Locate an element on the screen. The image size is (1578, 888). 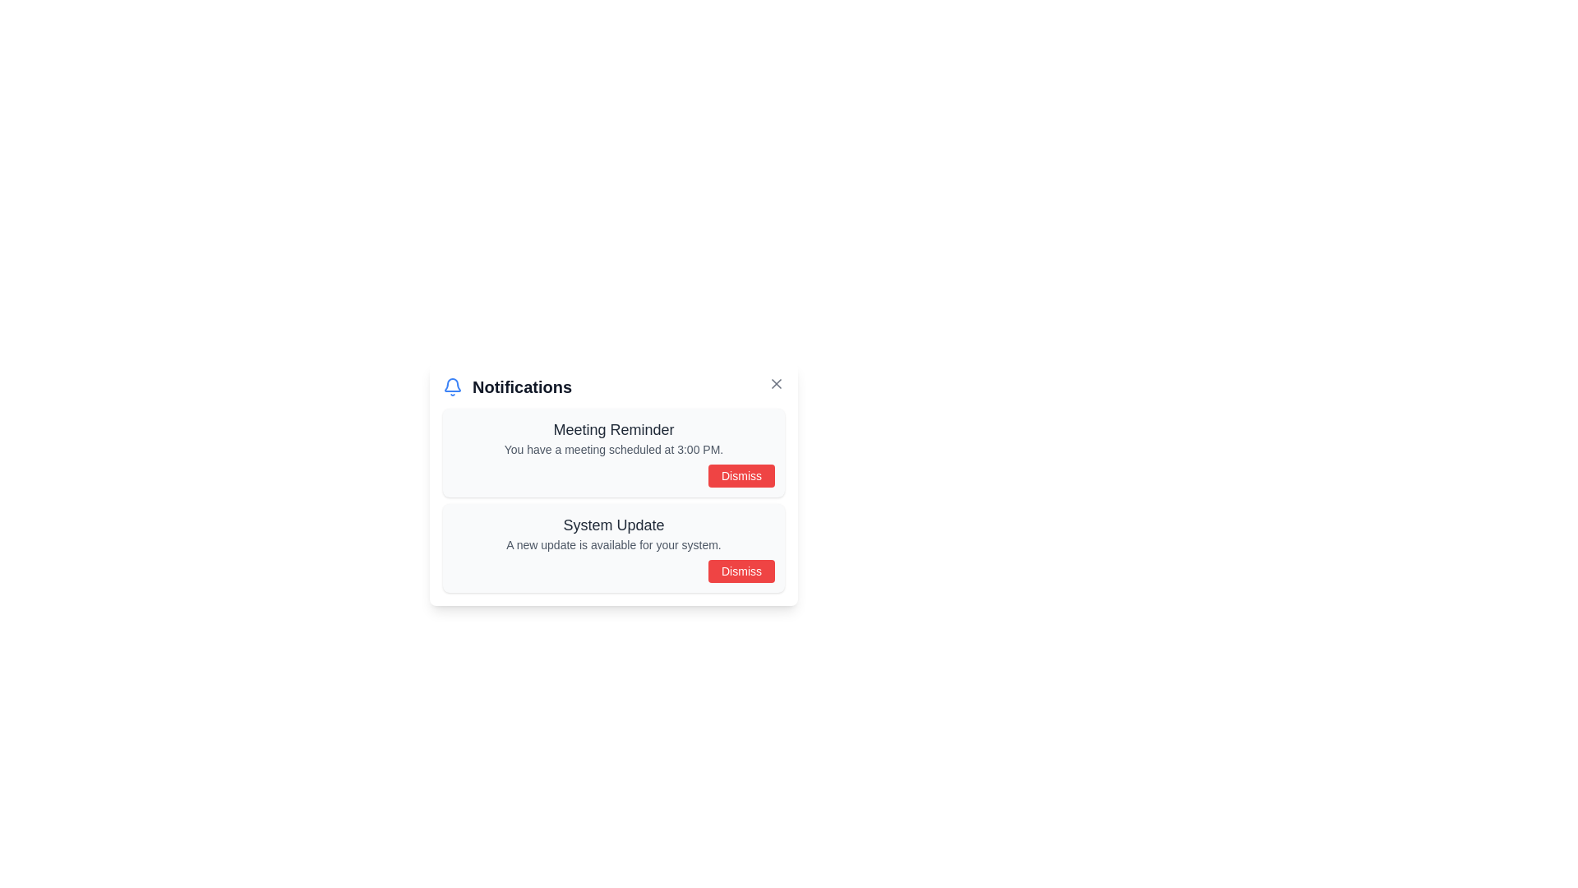
the blue bell icon located to the left of the 'Notifications' heading in the upper-left corner of the Notifications section is located at coordinates (453, 386).